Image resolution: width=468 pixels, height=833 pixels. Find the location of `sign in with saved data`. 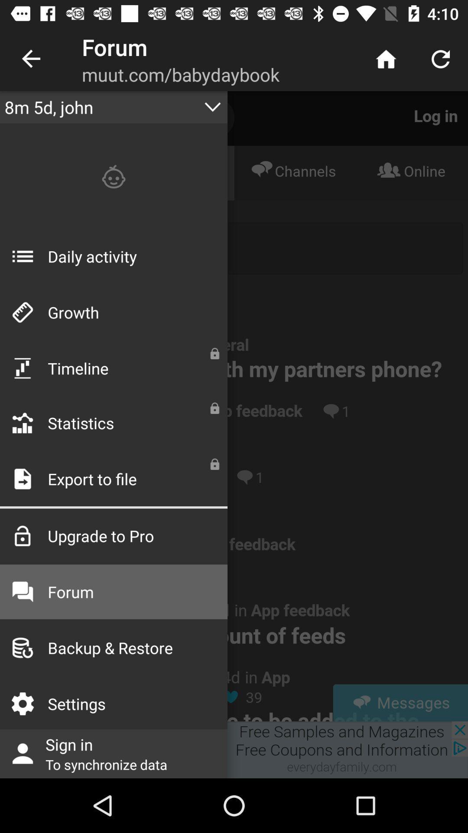

sign in with saved data is located at coordinates (234, 749).